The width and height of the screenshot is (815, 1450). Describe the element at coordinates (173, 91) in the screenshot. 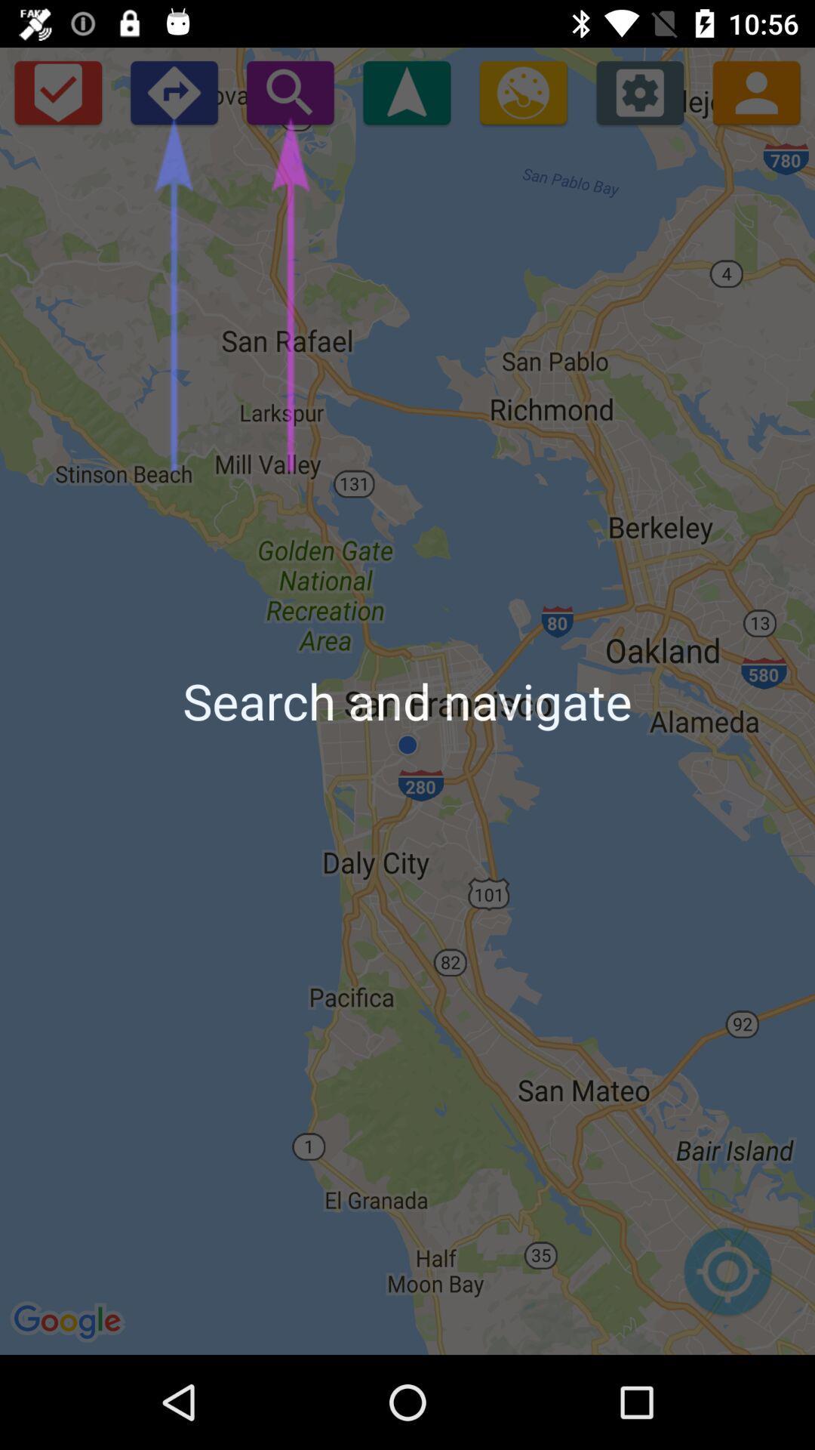

I see `the app above the search and navigate item` at that location.